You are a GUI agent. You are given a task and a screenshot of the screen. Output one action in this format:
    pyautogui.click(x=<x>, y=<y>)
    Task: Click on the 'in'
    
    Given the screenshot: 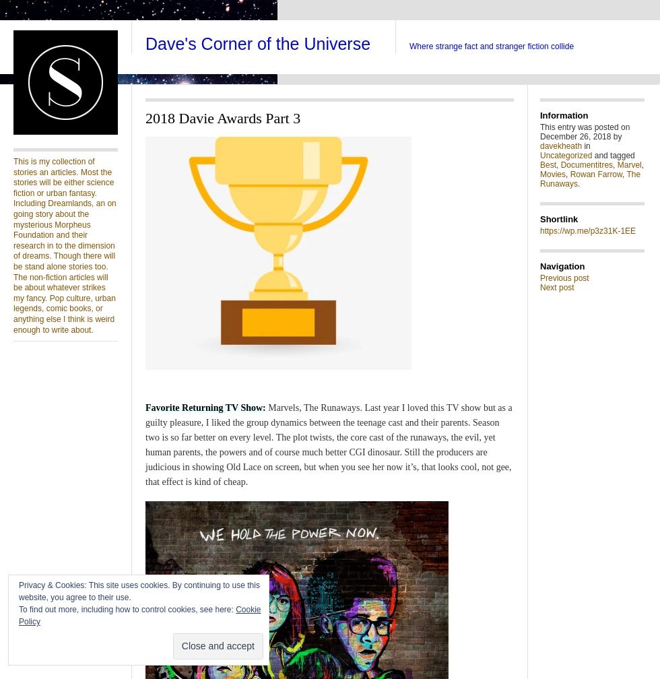 What is the action you would take?
    pyautogui.click(x=586, y=146)
    